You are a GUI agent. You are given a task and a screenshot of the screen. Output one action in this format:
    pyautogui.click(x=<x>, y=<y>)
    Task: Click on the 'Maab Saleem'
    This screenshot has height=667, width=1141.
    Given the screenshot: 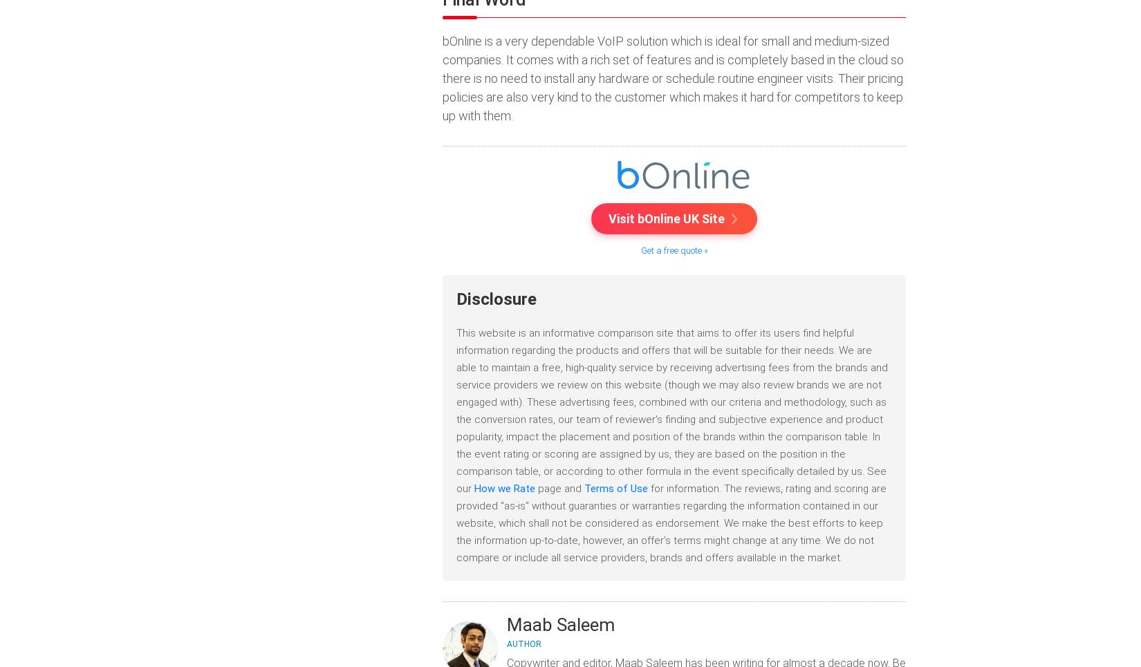 What is the action you would take?
    pyautogui.click(x=505, y=623)
    